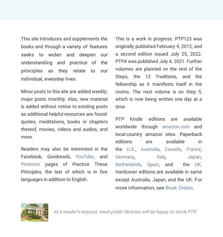 This screenshot has height=237, width=223. What do you see at coordinates (147, 164) in the screenshot?
I see `'Spain'` at bounding box center [147, 164].